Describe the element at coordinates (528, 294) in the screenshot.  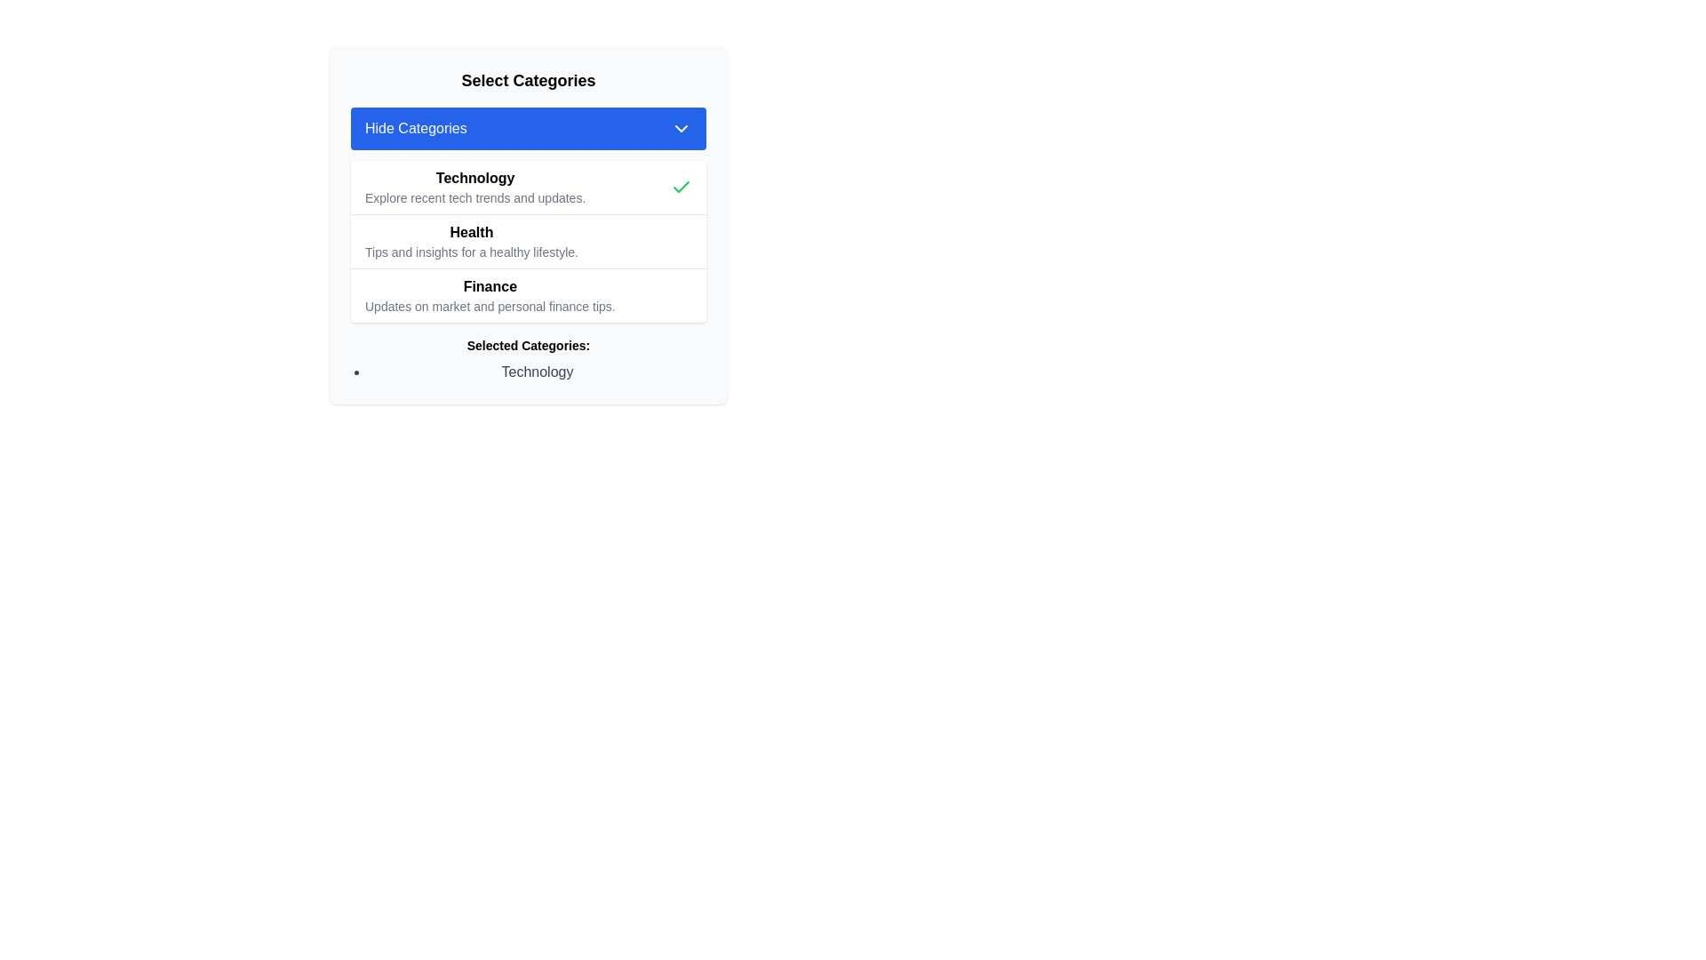
I see `the 'Finance' category option, which is the third entry in the list of selectable categories under 'Select Categories.'` at that location.